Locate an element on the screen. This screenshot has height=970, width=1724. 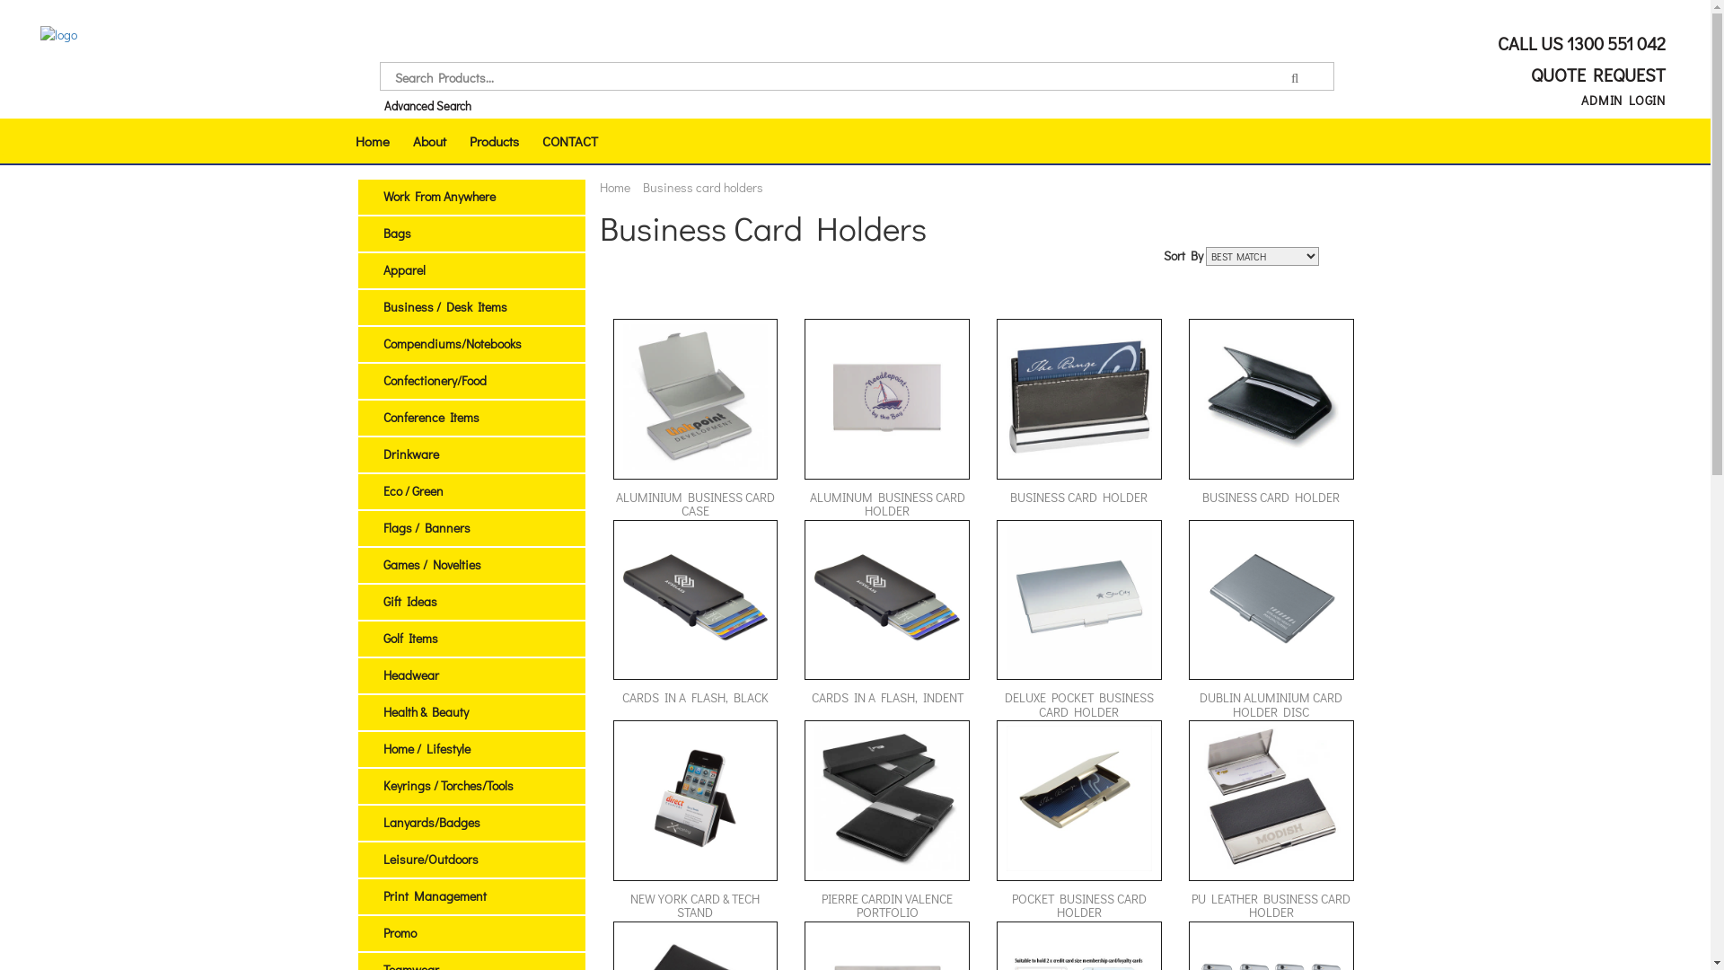
'Drinkware' is located at coordinates (409, 453).